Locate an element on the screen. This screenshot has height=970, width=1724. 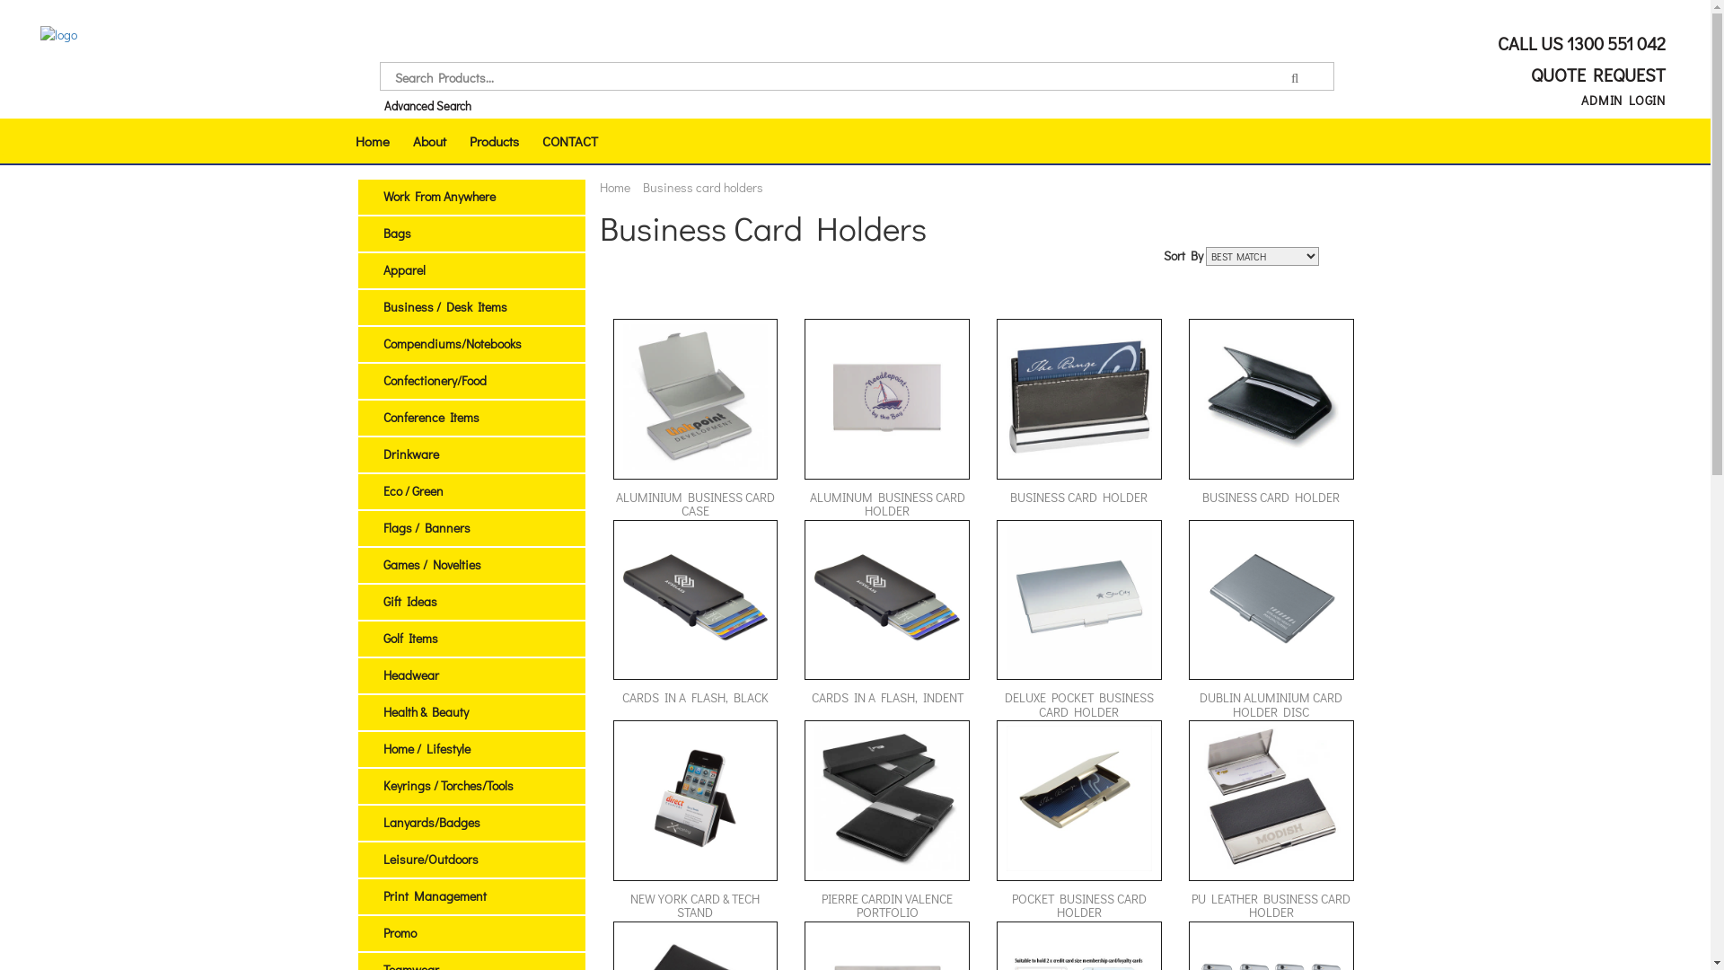
'Drinkware' is located at coordinates (409, 453).